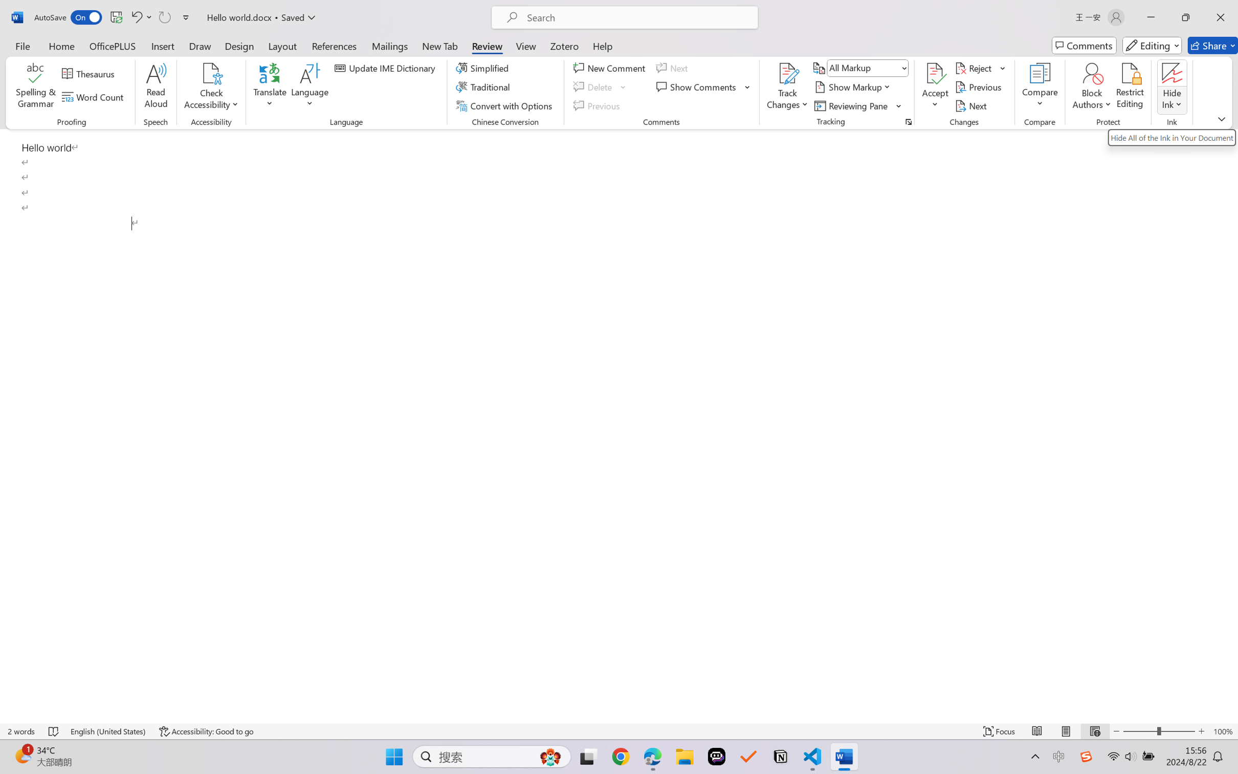 This screenshot has height=774, width=1238. I want to click on 'Spelling and Grammar Check No Errors', so click(54, 731).